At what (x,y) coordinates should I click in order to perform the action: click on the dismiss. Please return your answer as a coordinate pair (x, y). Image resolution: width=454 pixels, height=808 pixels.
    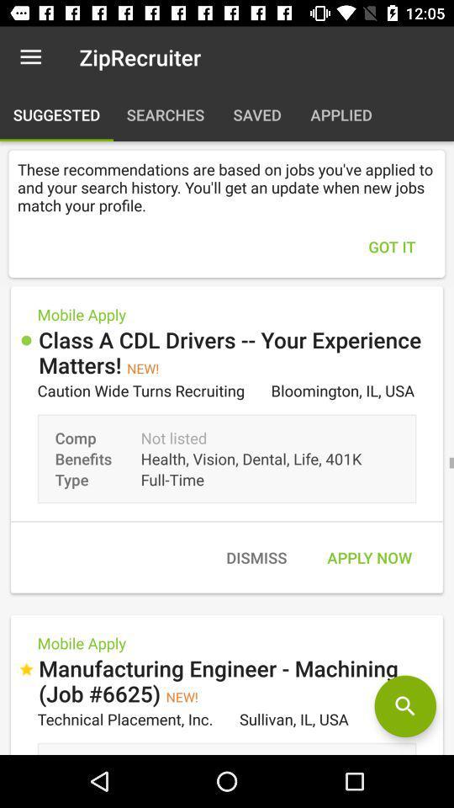
    Looking at the image, I should click on (256, 557).